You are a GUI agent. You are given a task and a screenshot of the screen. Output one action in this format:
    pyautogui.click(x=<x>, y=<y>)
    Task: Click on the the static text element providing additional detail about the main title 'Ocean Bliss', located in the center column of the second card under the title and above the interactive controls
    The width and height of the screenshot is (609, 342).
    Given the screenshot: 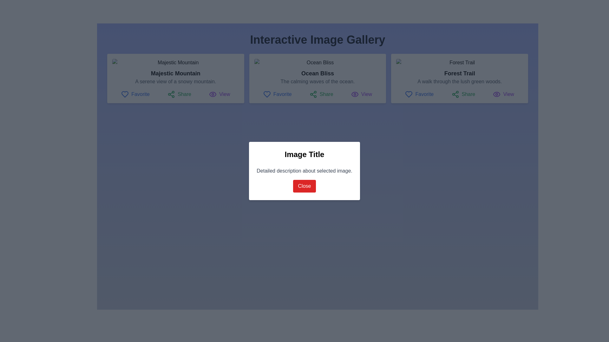 What is the action you would take?
    pyautogui.click(x=318, y=81)
    